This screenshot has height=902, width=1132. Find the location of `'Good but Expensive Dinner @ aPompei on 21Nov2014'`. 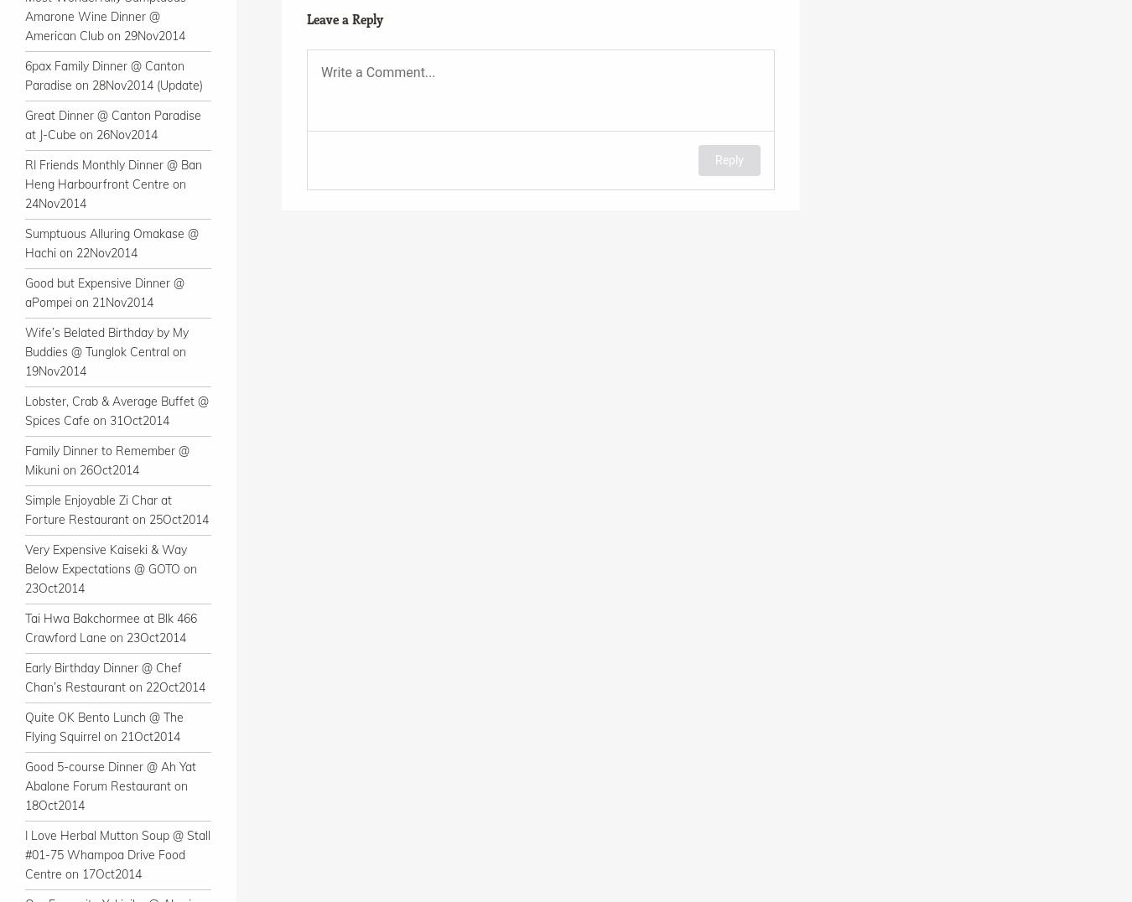

'Good but Expensive Dinner @ aPompei on 21Nov2014' is located at coordinates (105, 293).